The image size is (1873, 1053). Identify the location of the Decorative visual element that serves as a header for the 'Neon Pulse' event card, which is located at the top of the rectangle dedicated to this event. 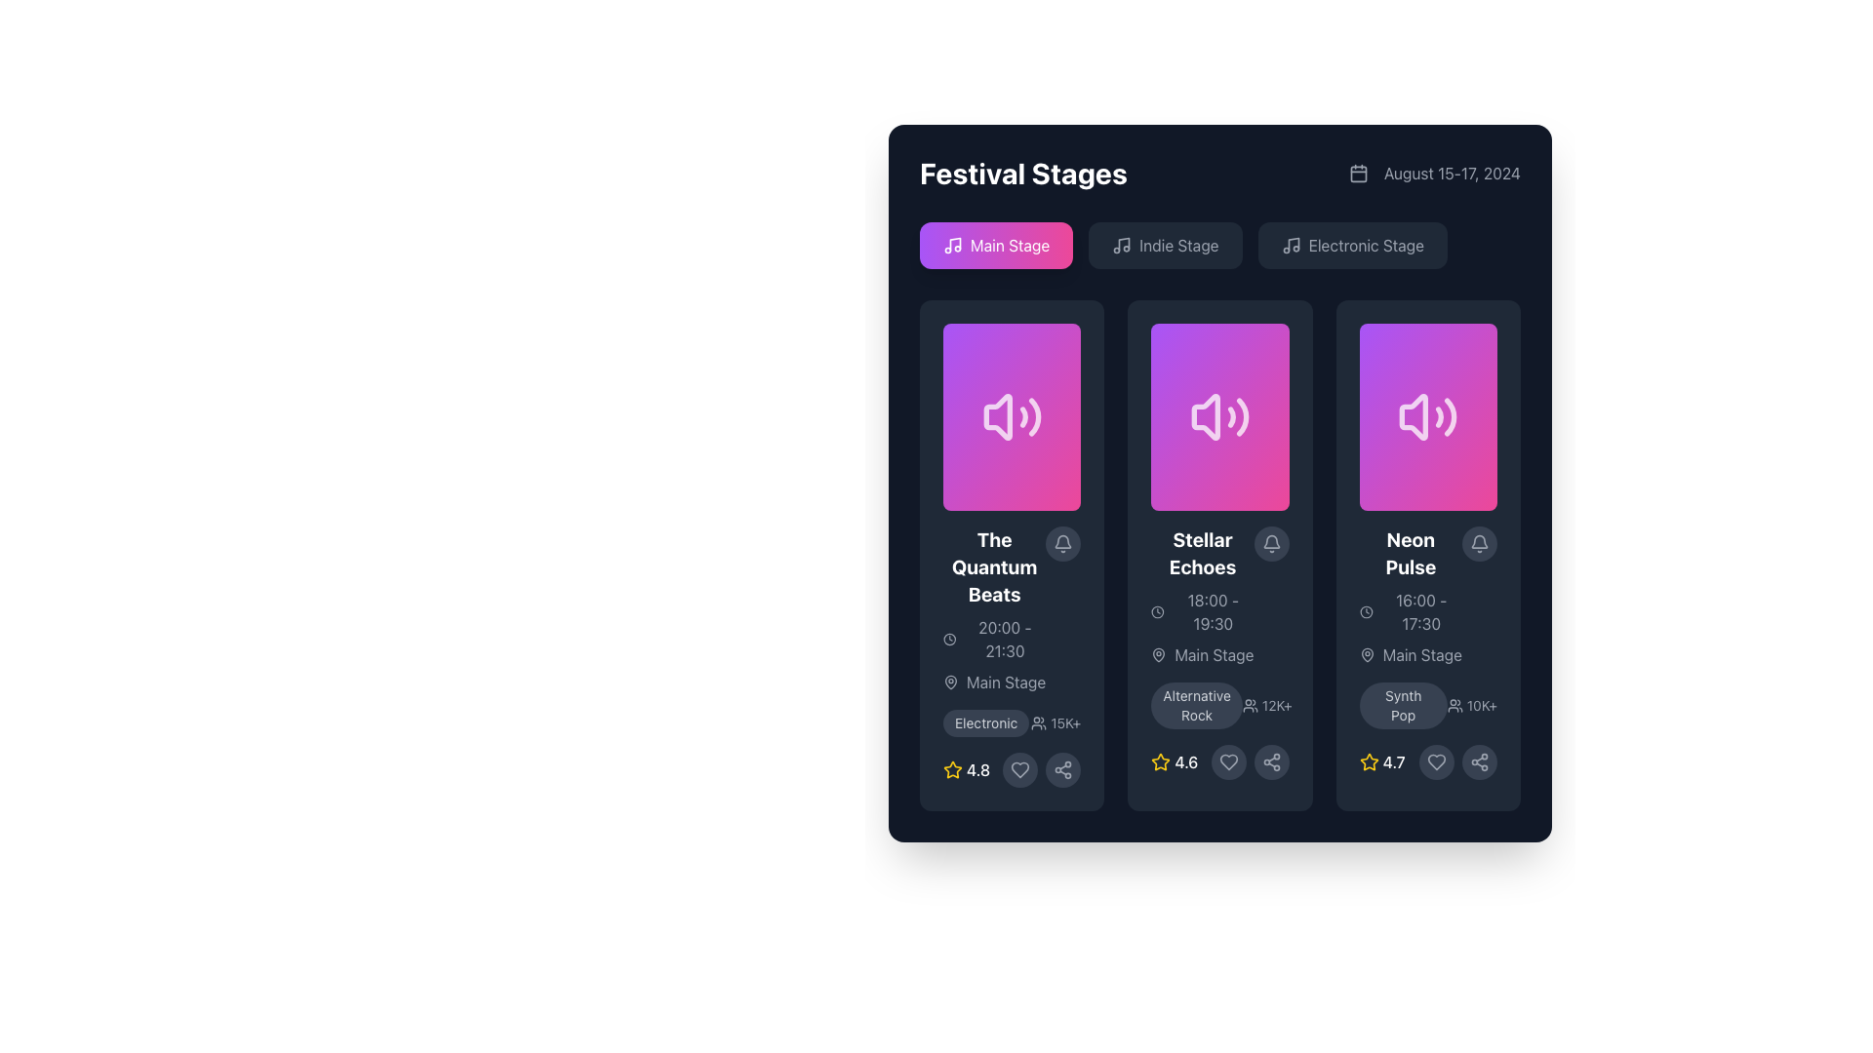
(1428, 416).